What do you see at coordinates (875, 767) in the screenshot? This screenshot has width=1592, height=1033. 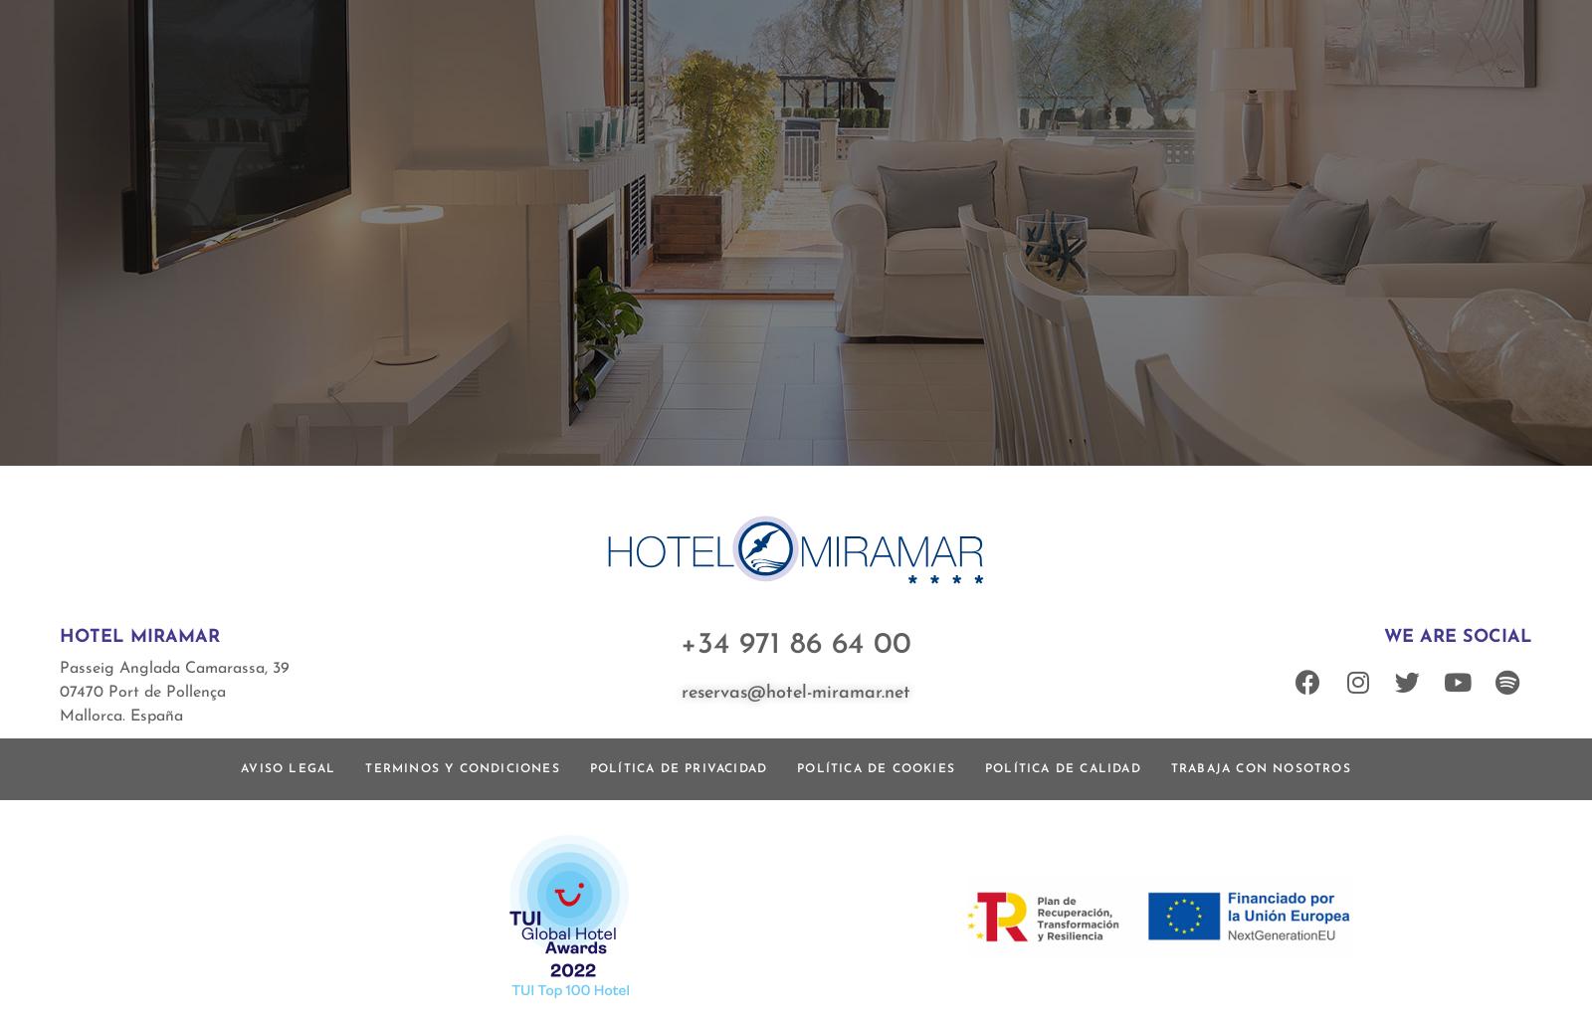 I see `'Política de cookies'` at bounding box center [875, 767].